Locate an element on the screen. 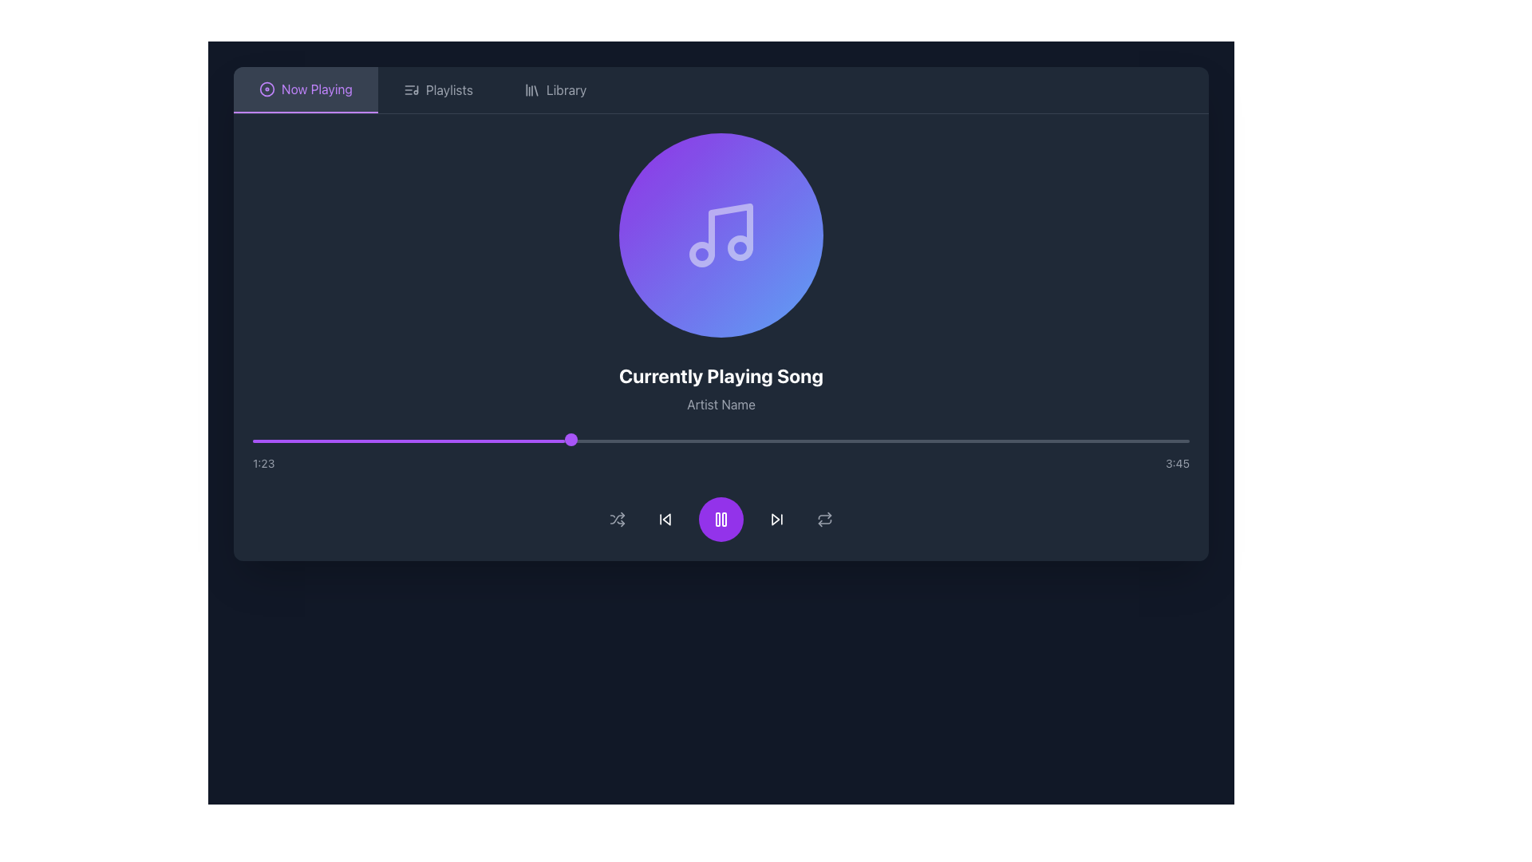  the smaller inner circle component located inside the larger circular structure on the left side of the header navigation bar, which is associated with the 'Now Playing' label is located at coordinates (267, 89).